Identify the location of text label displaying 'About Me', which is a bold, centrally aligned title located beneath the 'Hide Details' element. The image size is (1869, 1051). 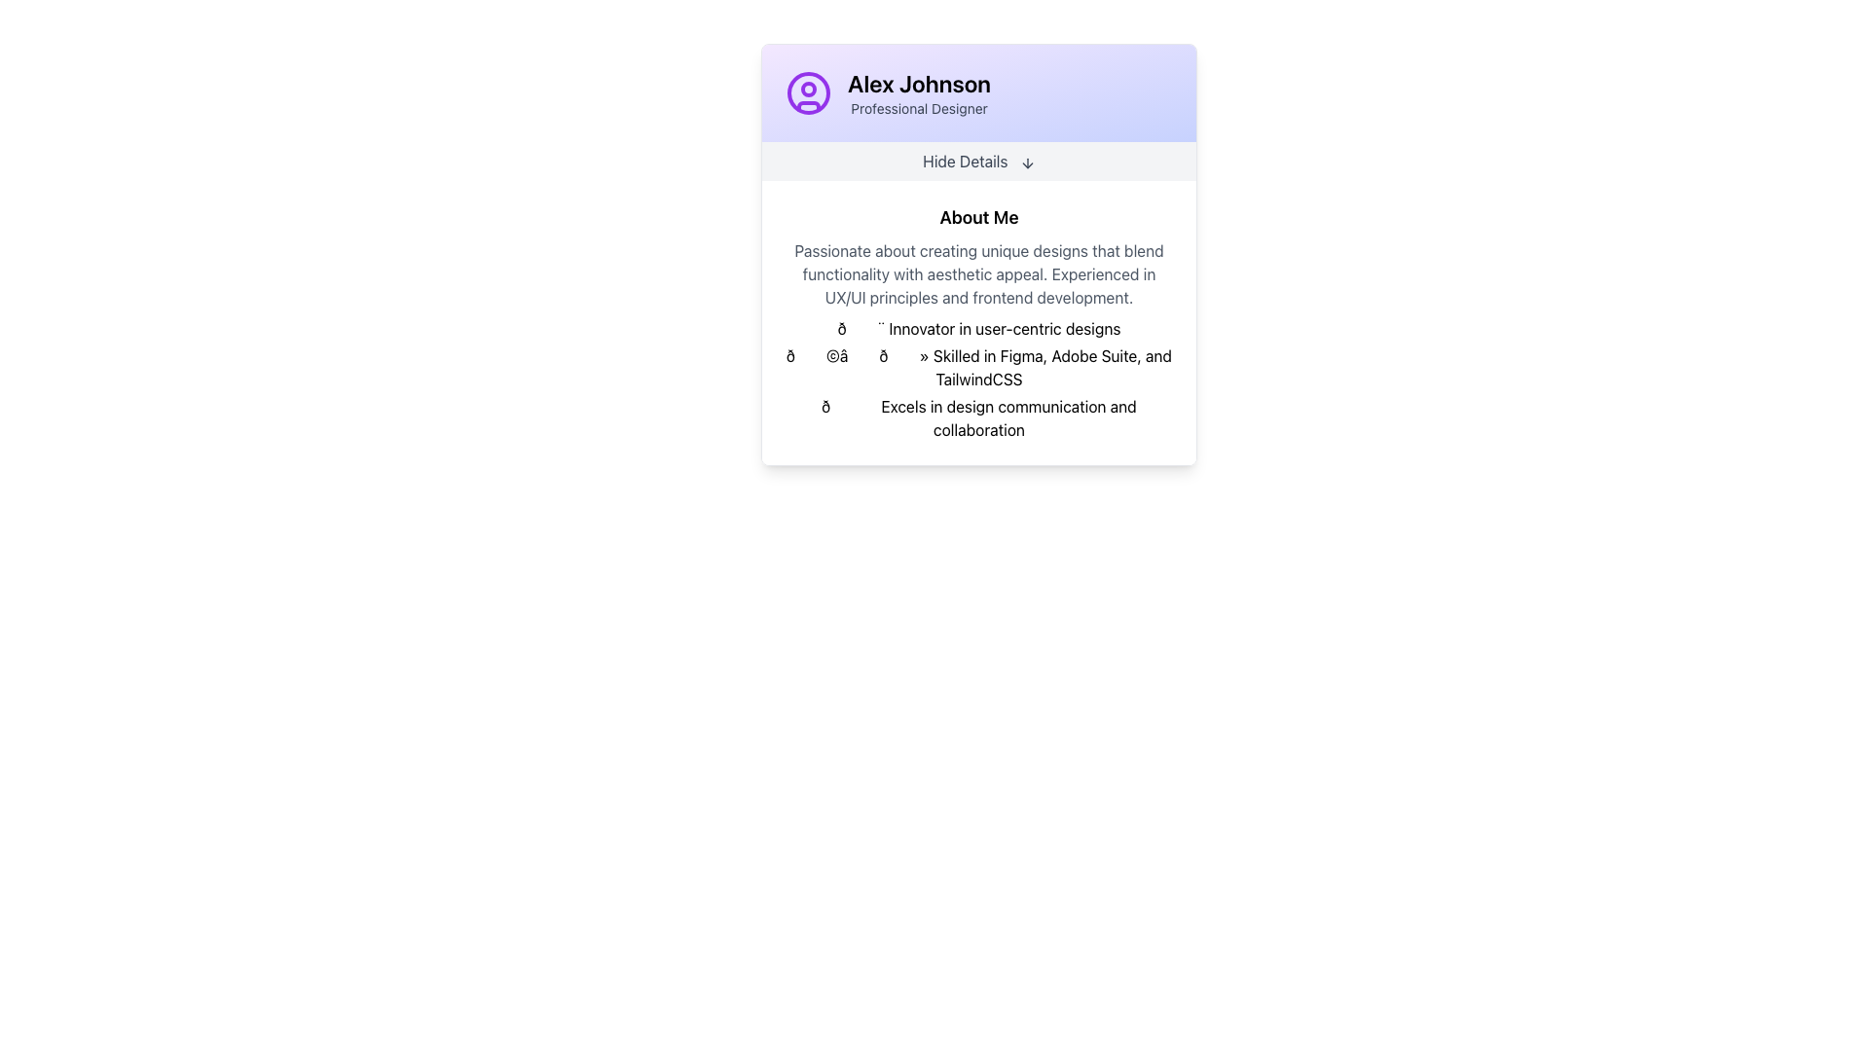
(979, 217).